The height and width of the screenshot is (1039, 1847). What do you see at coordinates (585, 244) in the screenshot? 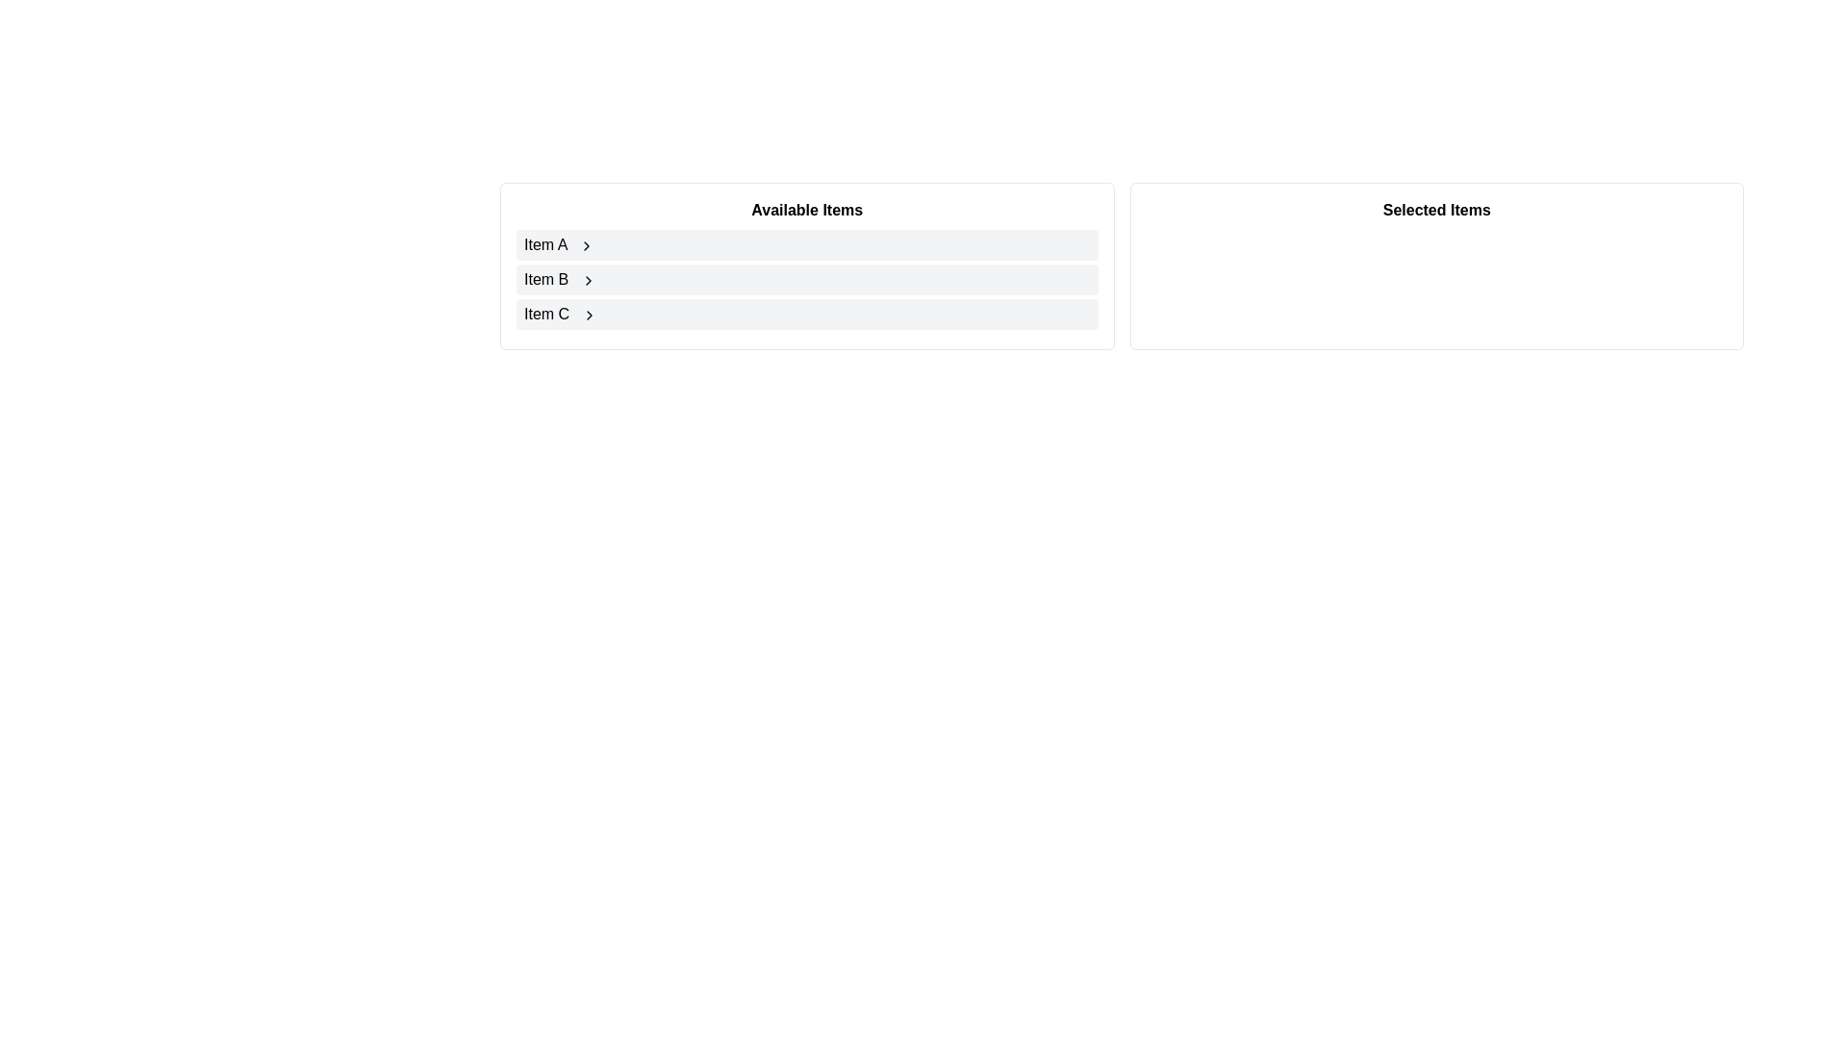
I see `the 'Chevron Right' icon located to the immediate right of the text 'Item A' in the 'Available Items' section` at bounding box center [585, 244].